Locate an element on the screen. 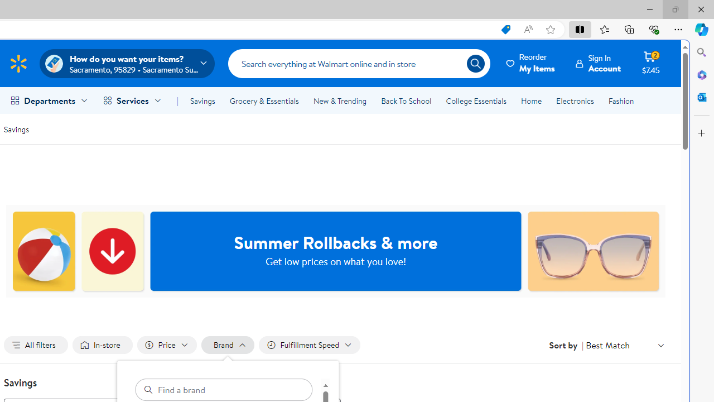  'Walmart Homepage' is located at coordinates (18, 63).